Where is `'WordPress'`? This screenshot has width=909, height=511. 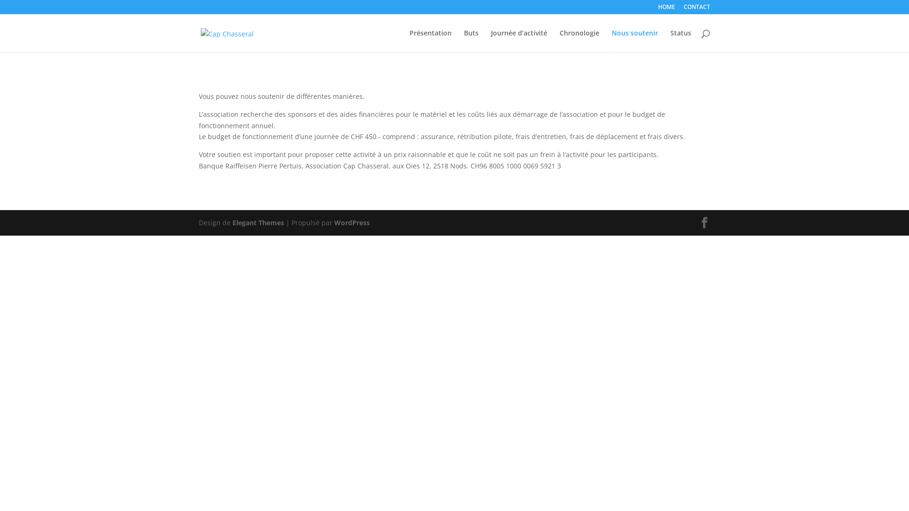
'WordPress' is located at coordinates (351, 222).